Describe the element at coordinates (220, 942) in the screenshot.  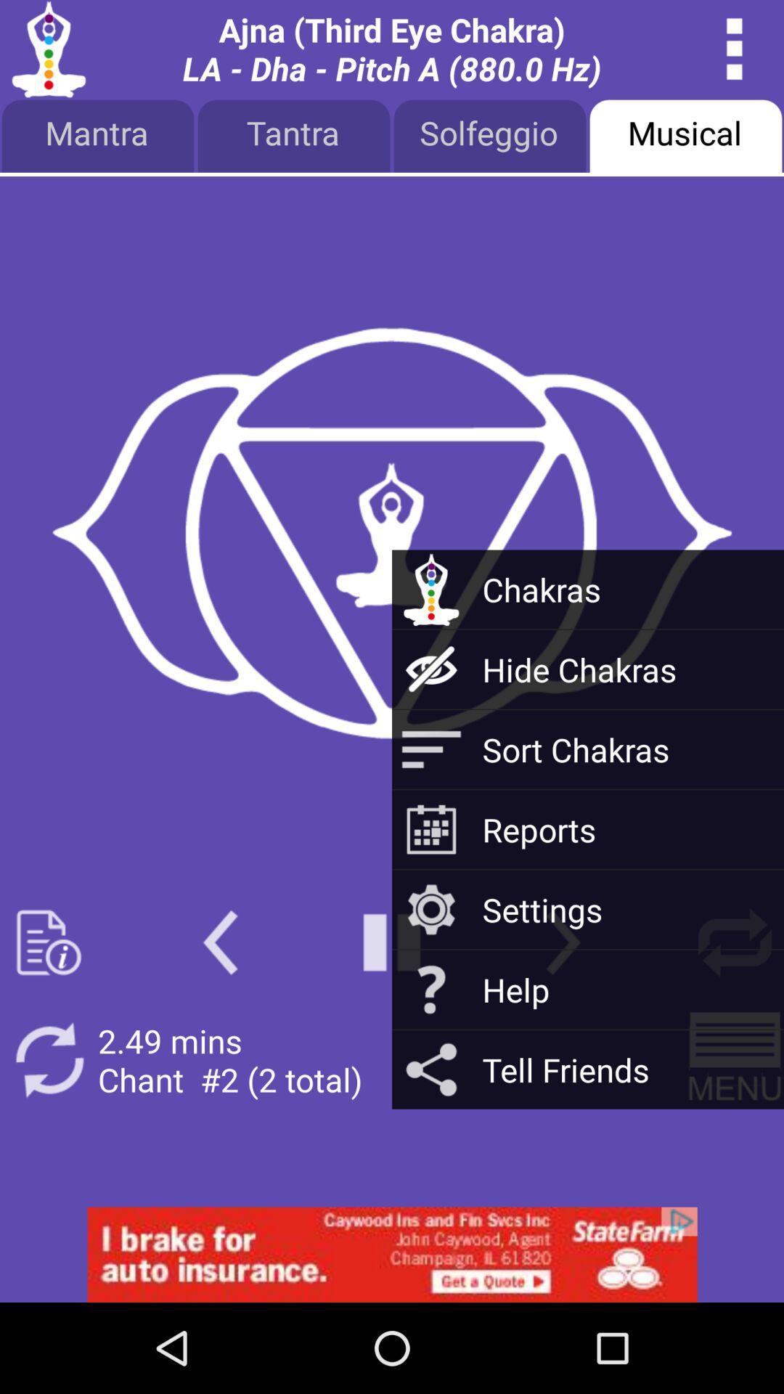
I see `rewind the chakra` at that location.